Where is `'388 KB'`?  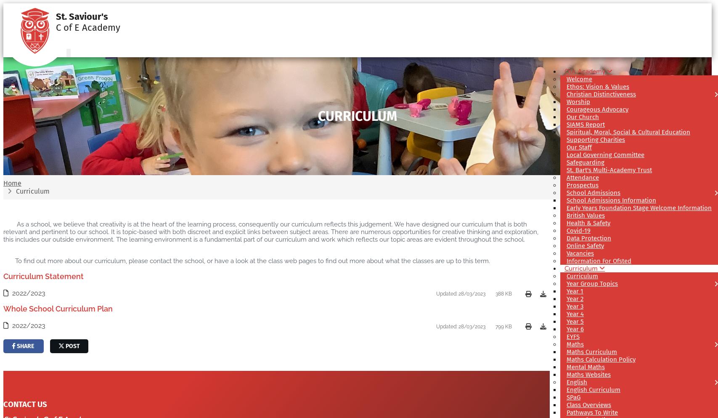
'388 KB' is located at coordinates (503, 293).